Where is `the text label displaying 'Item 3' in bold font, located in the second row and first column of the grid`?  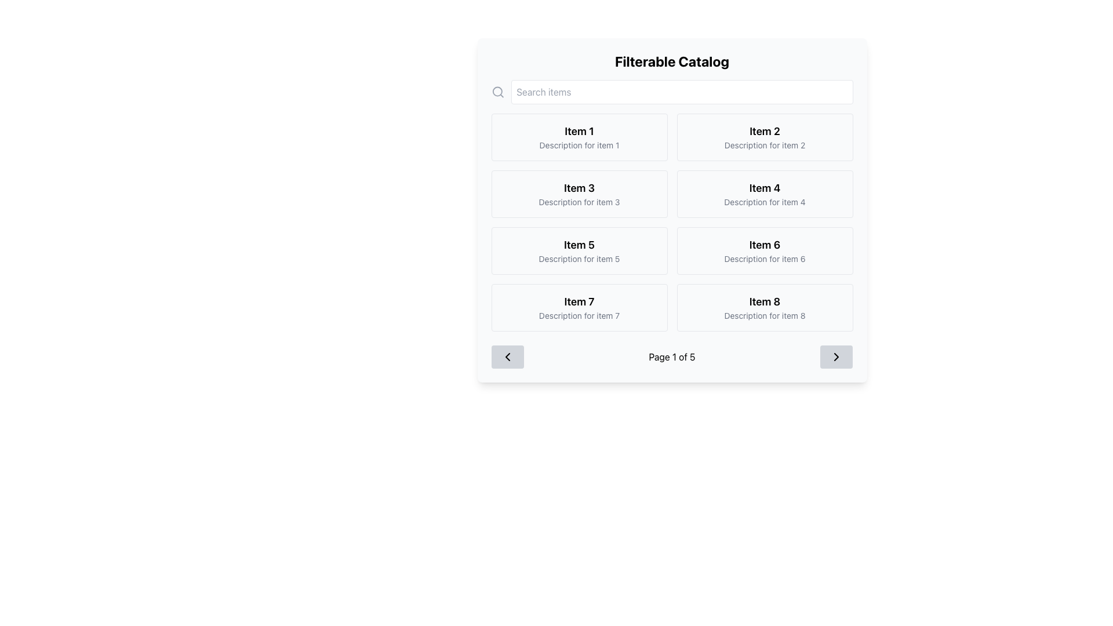 the text label displaying 'Item 3' in bold font, located in the second row and first column of the grid is located at coordinates (579, 187).